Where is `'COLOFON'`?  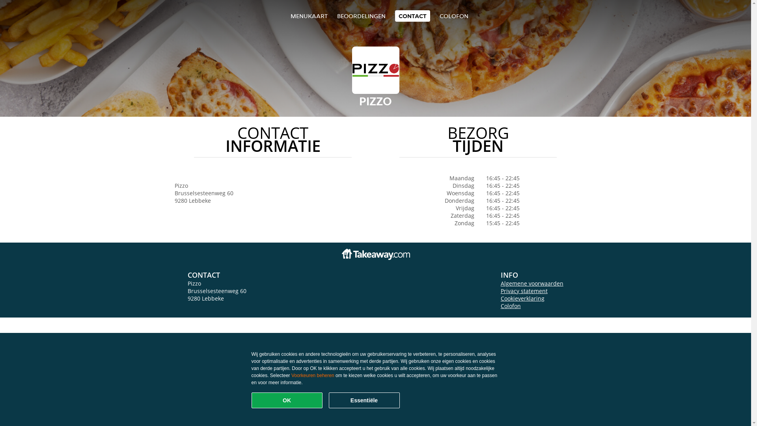
'COLOFON' is located at coordinates (454, 16).